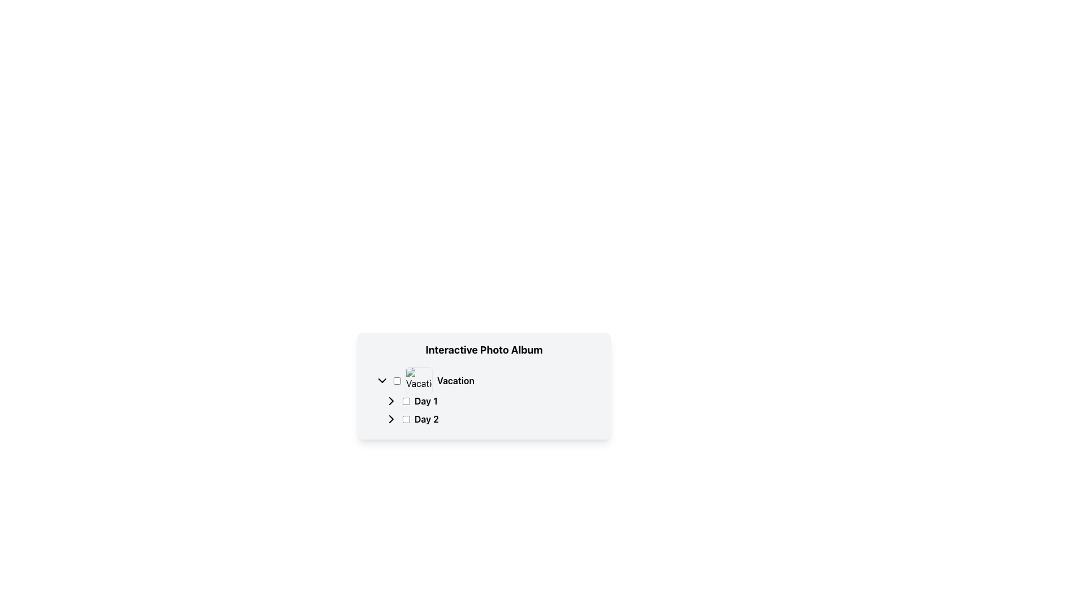  Describe the element at coordinates (406, 401) in the screenshot. I see `the checkbox` at that location.